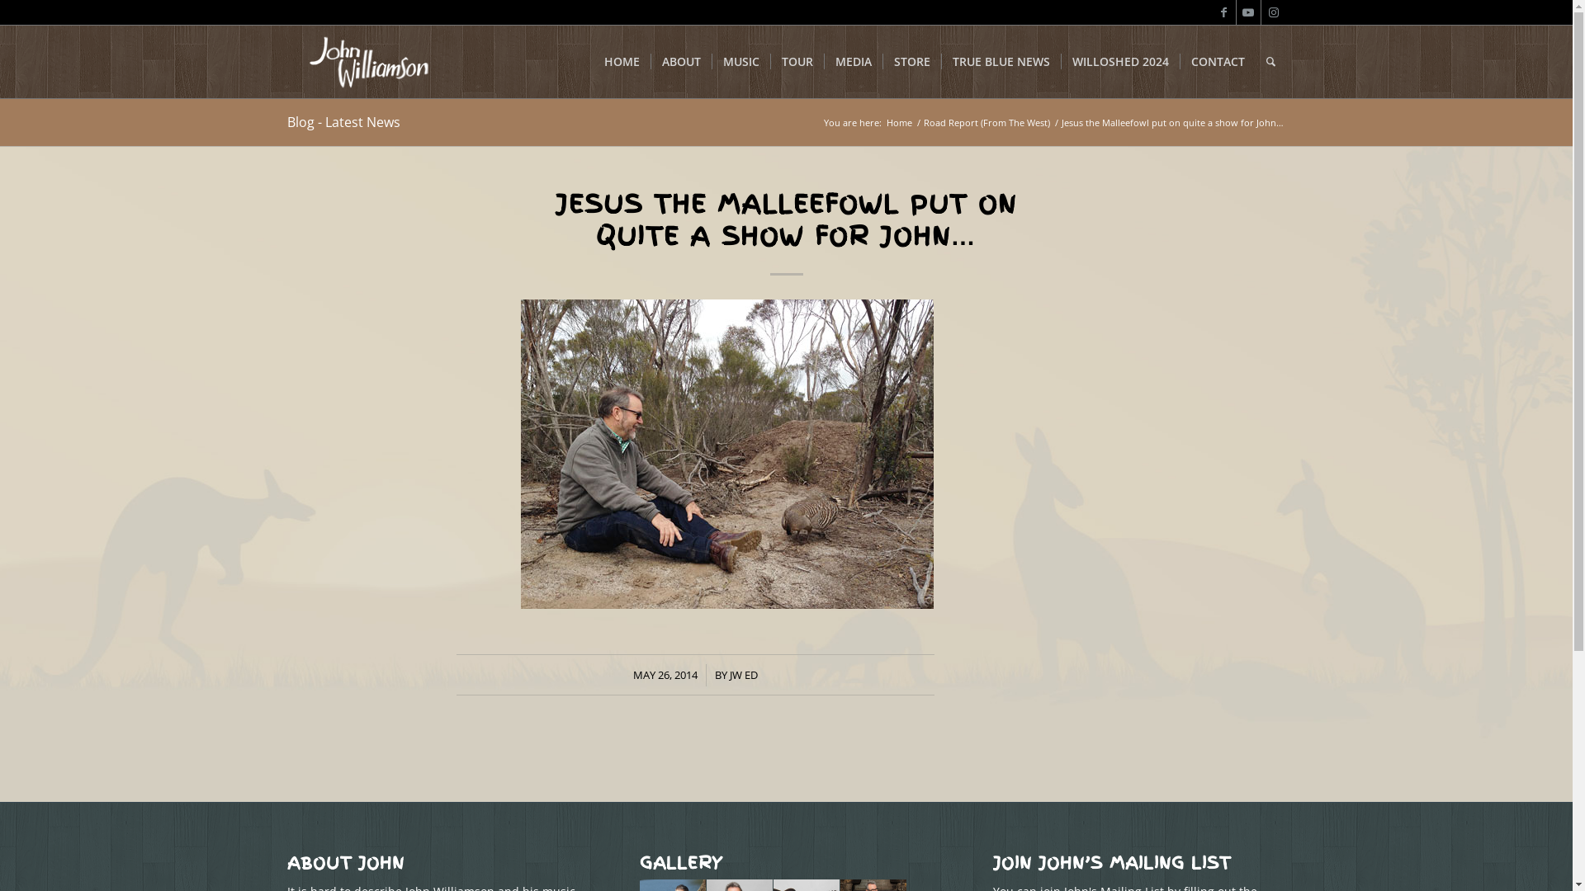 The width and height of the screenshot is (1585, 891). Describe the element at coordinates (1216, 60) in the screenshot. I see `'CONTACT'` at that location.